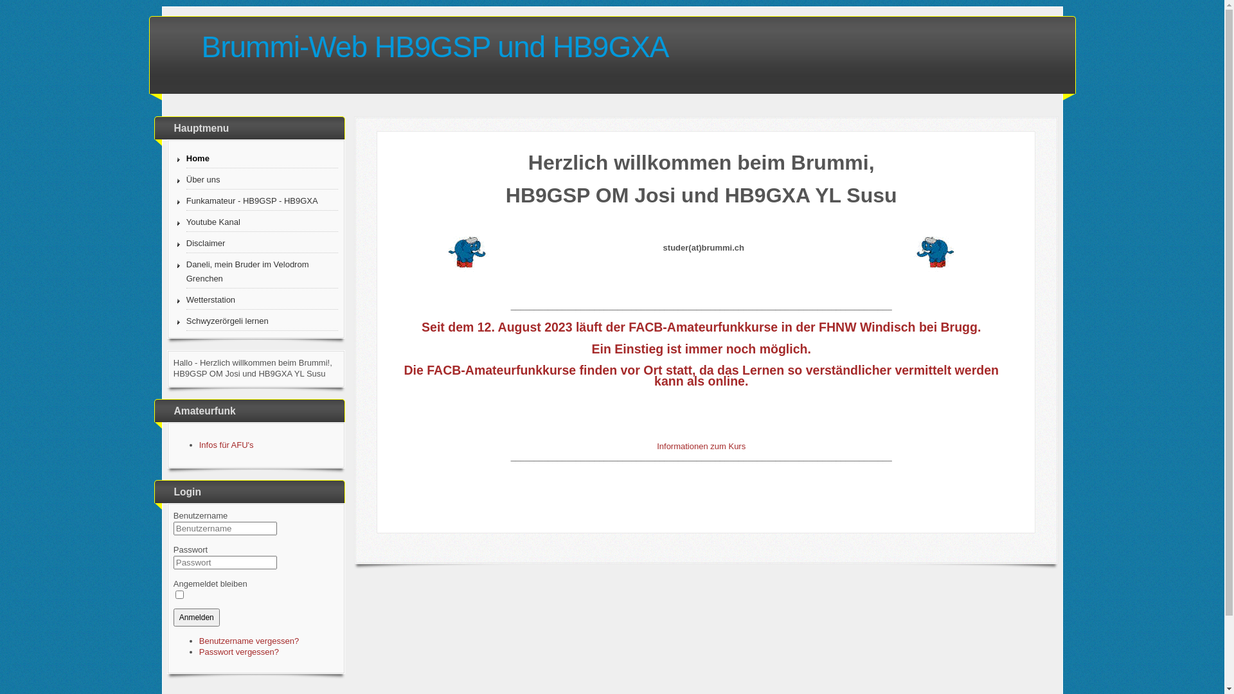  I want to click on 'Anmelden', so click(196, 616).